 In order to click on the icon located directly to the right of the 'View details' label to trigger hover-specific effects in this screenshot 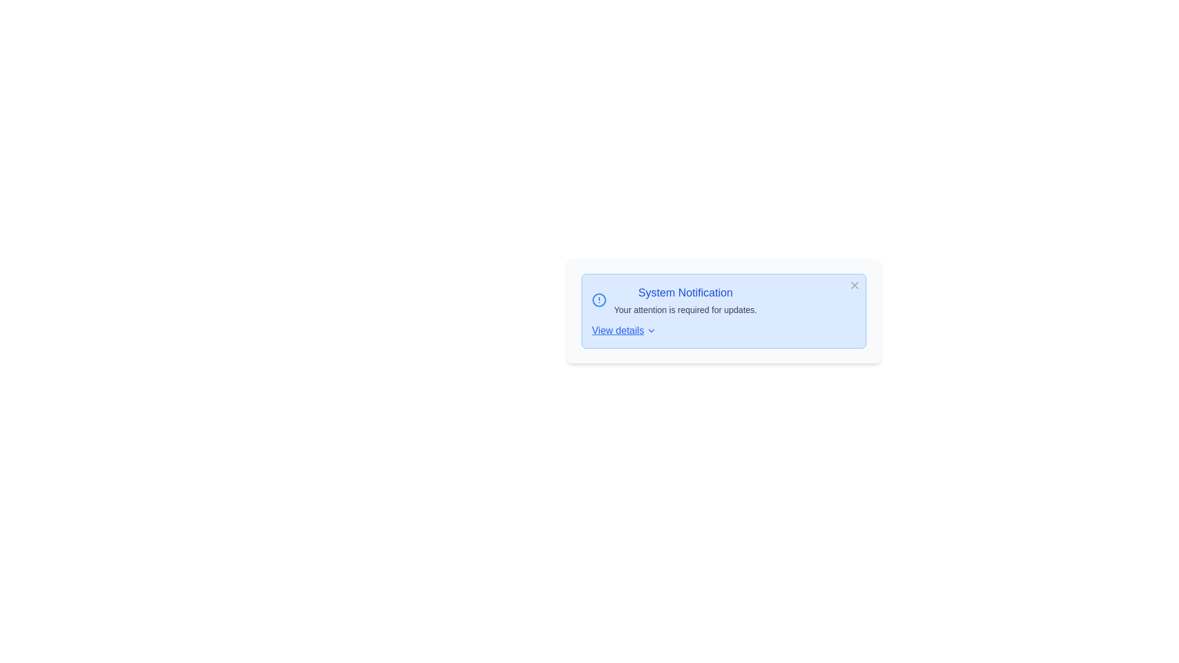, I will do `click(651, 330)`.